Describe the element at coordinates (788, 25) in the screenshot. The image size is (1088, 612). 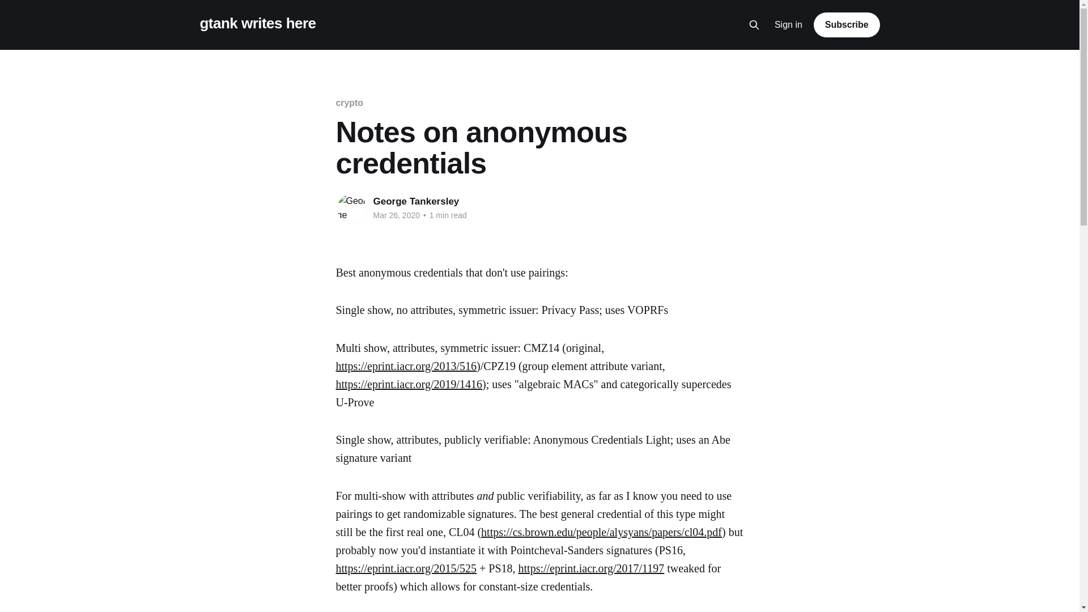
I see `'Sign in'` at that location.